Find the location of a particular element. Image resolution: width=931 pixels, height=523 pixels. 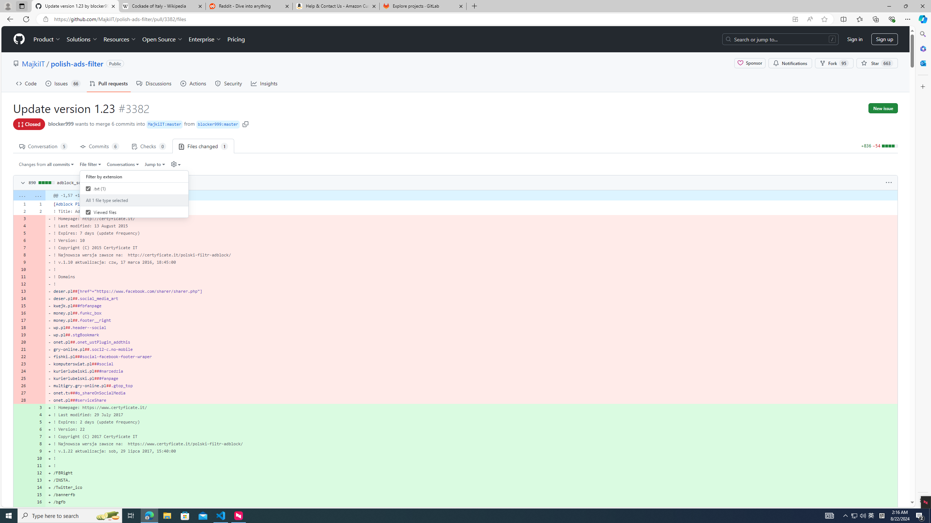

'Issues 66' is located at coordinates (62, 83).